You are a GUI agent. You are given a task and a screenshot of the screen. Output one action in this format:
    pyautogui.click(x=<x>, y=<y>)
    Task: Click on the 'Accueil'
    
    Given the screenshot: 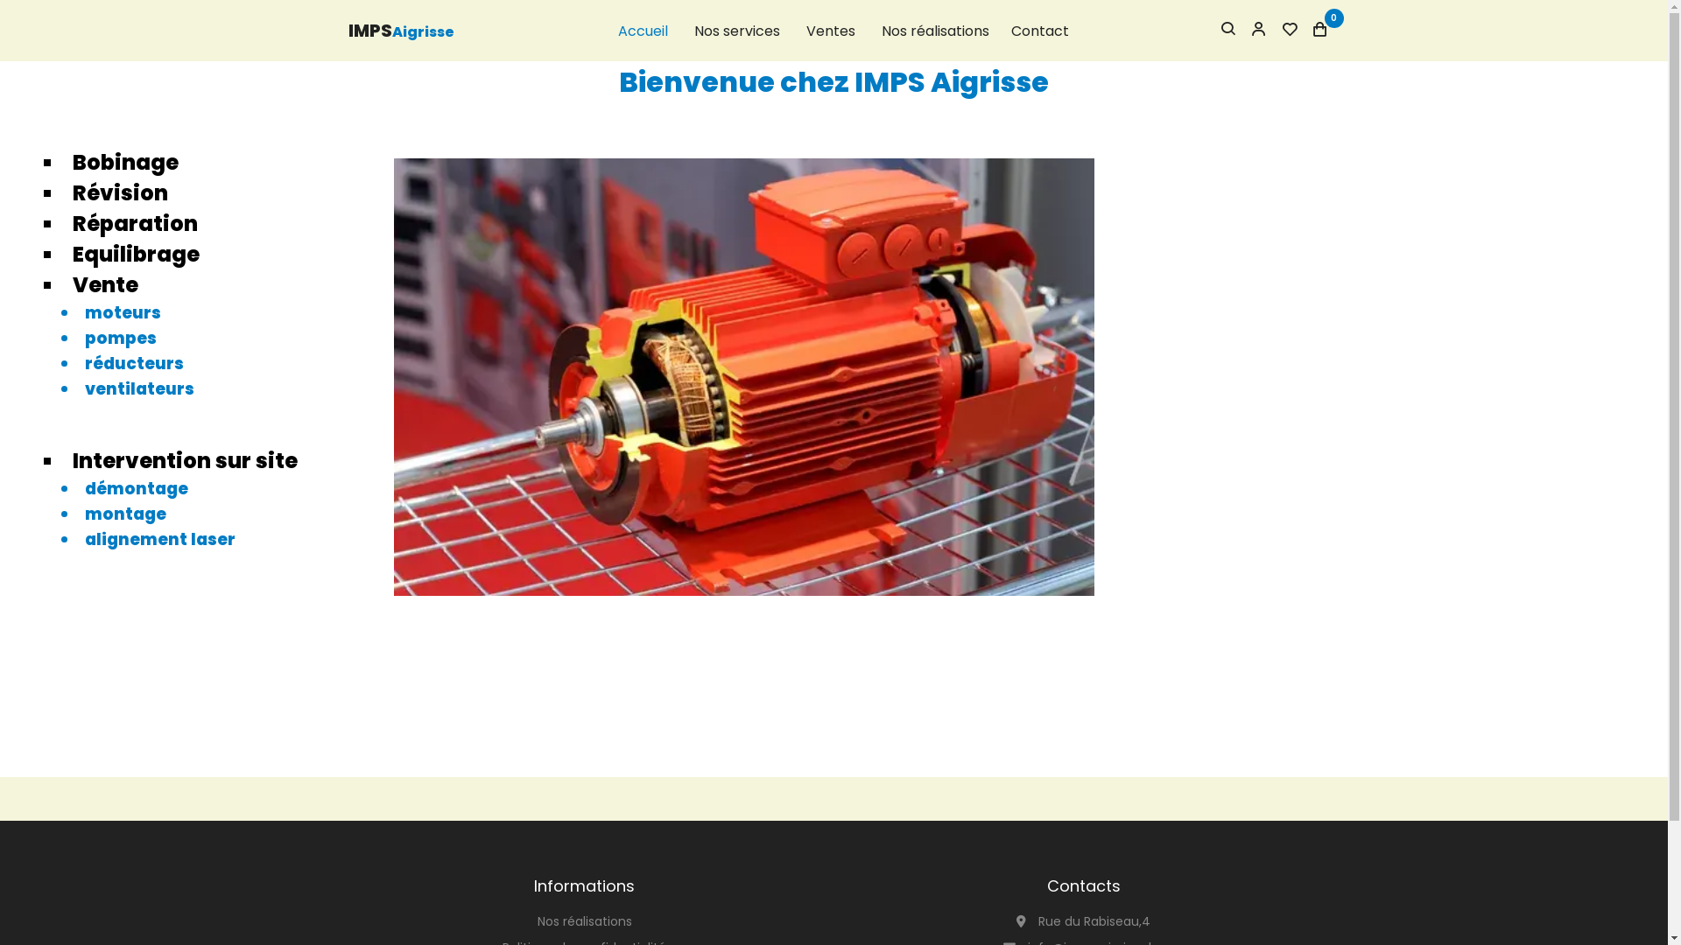 What is the action you would take?
    pyautogui.click(x=642, y=31)
    